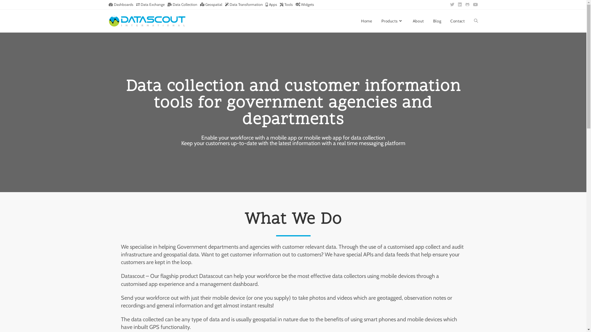 The image size is (591, 332). What do you see at coordinates (418, 21) in the screenshot?
I see `'About'` at bounding box center [418, 21].